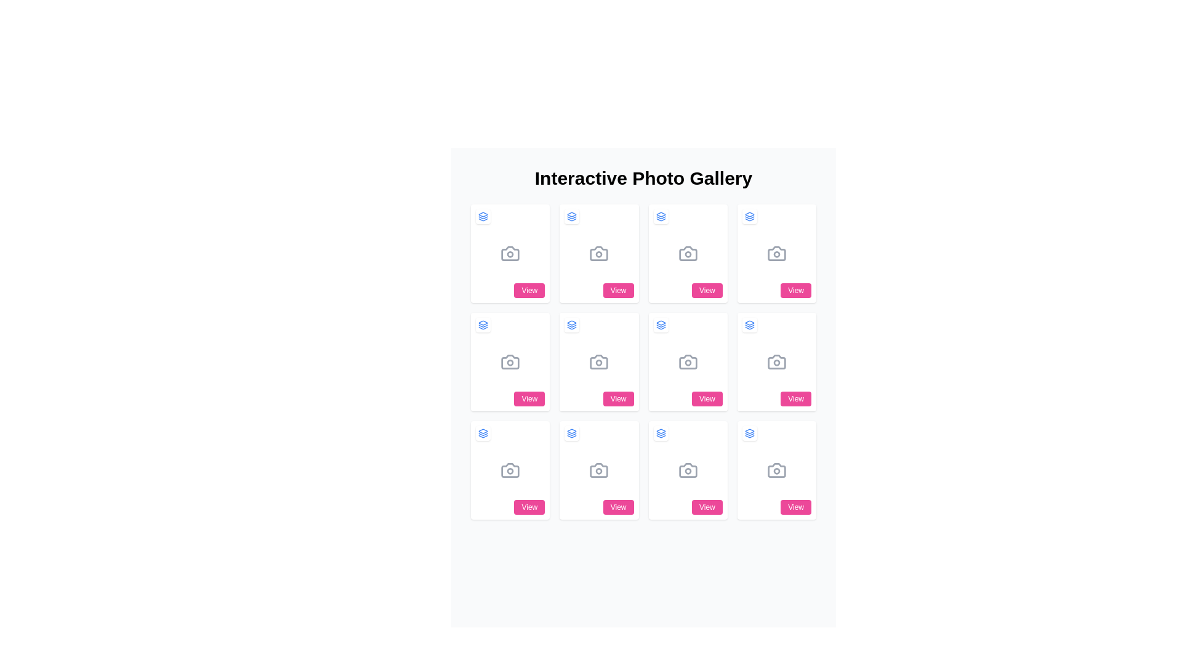  I want to click on the white card with a rounded shadow effect that contains a blue stacked-layers icon, a camera icon, and a pink 'View' button, located as the second card in the second row of the grid layout, so click(599, 361).